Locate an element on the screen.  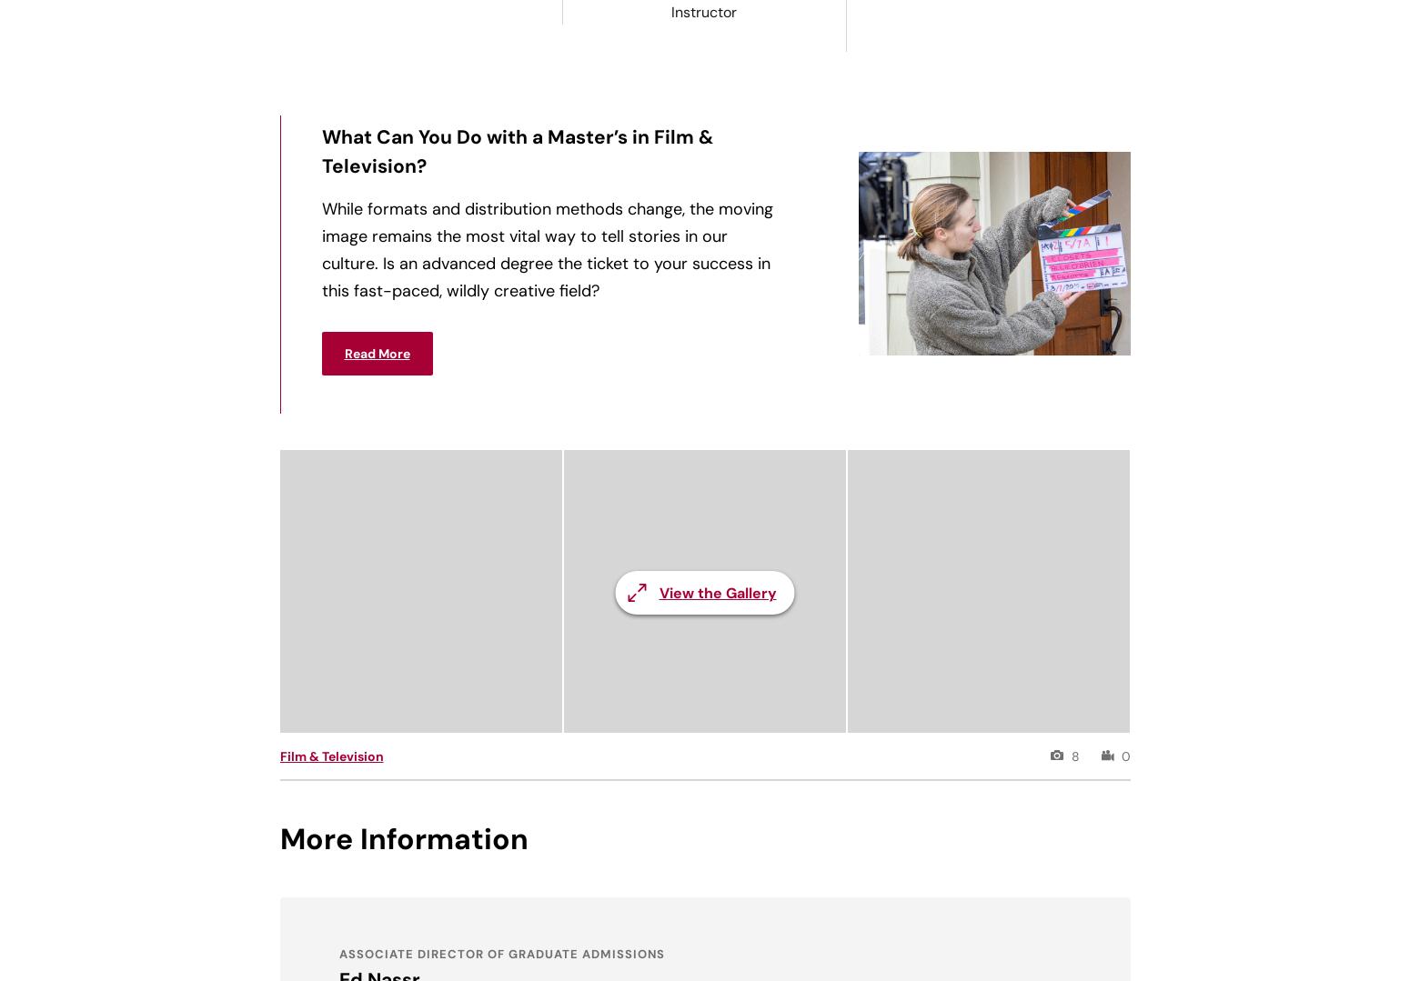
'View the Gallery' is located at coordinates (716, 592).